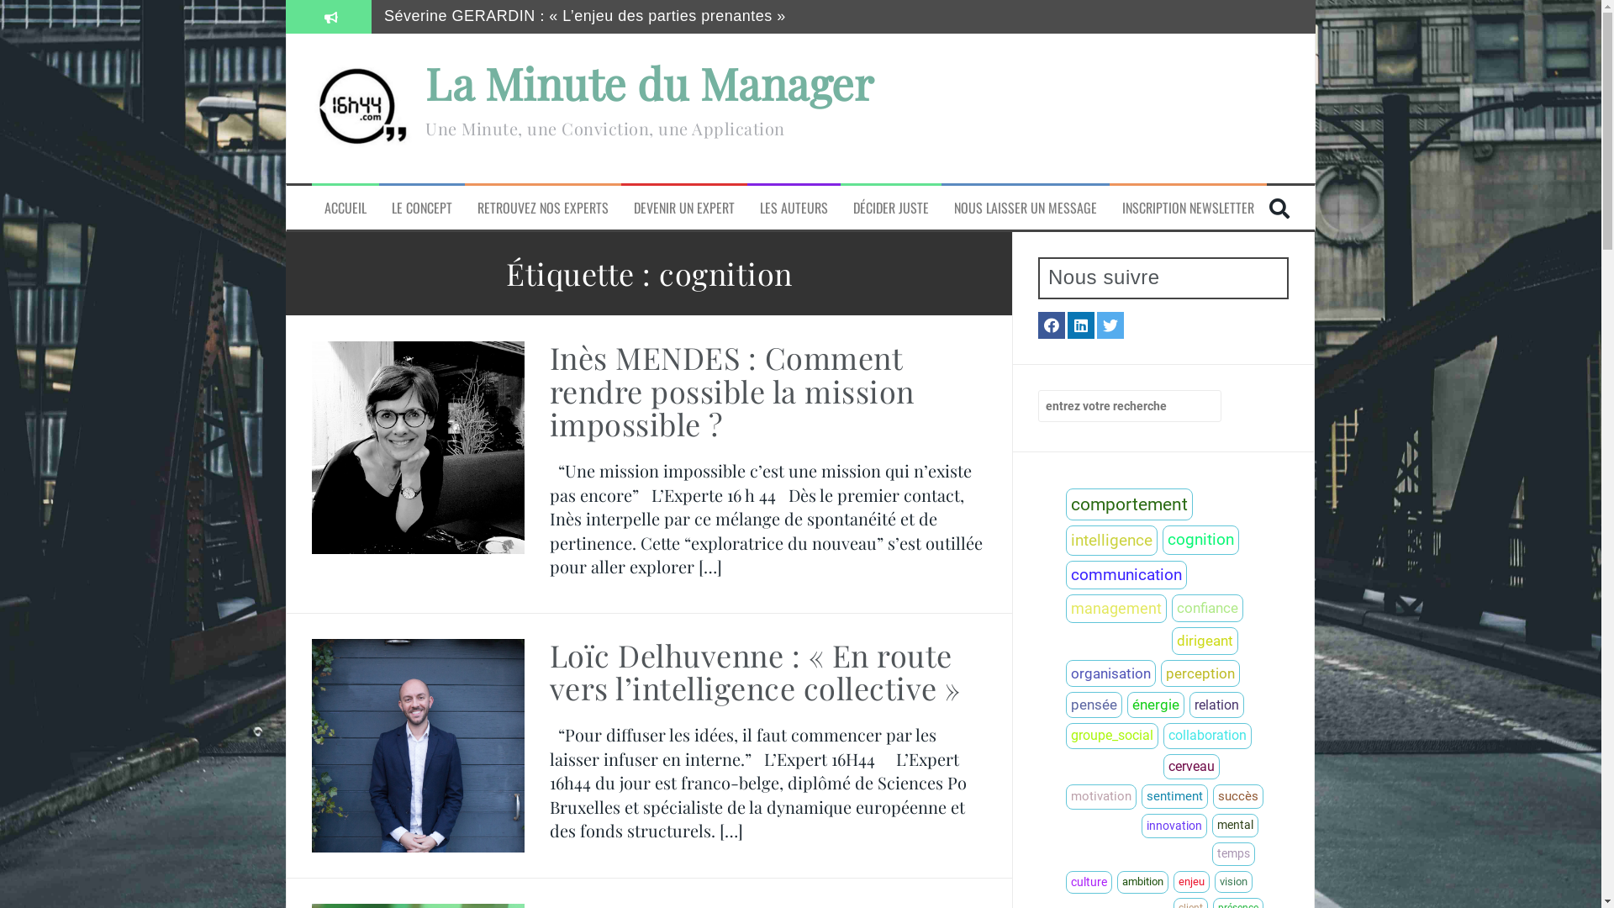  I want to click on 'NOUS LAISSER UN MESSAGE', so click(1024, 207).